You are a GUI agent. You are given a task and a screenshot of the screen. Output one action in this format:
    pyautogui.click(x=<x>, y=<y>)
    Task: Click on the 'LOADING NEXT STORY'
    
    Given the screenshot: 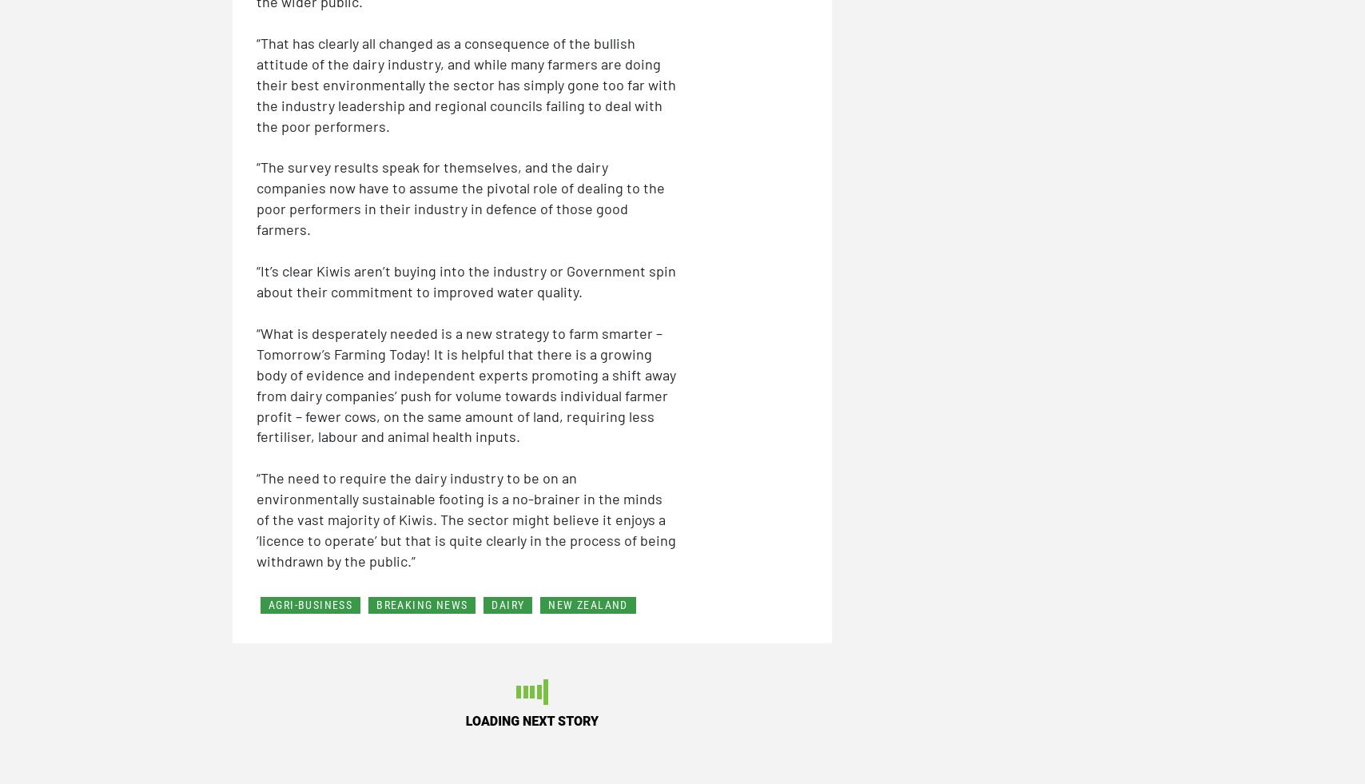 What is the action you would take?
    pyautogui.click(x=531, y=720)
    